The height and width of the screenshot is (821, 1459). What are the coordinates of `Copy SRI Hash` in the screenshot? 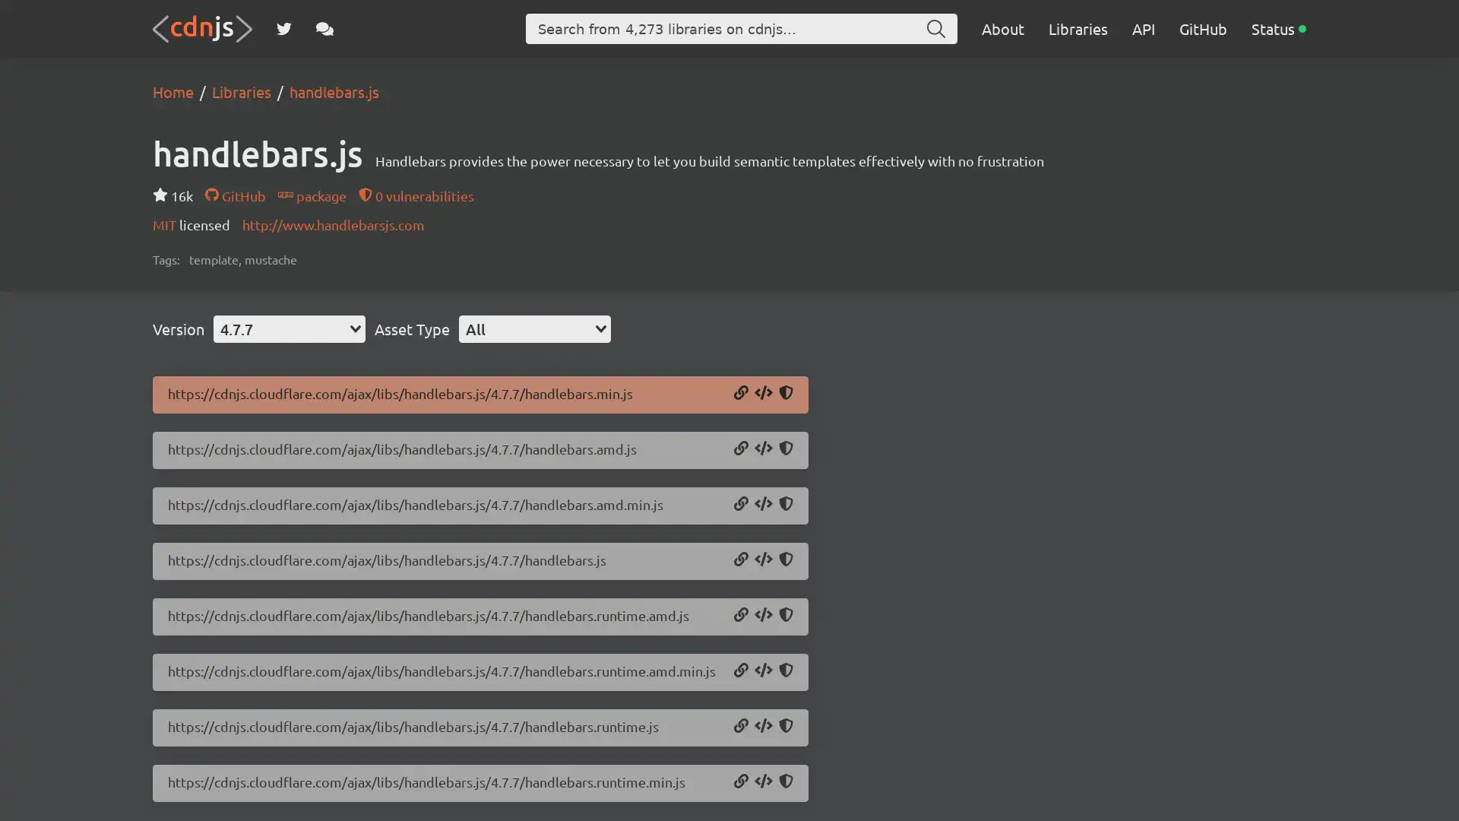 It's located at (786, 560).